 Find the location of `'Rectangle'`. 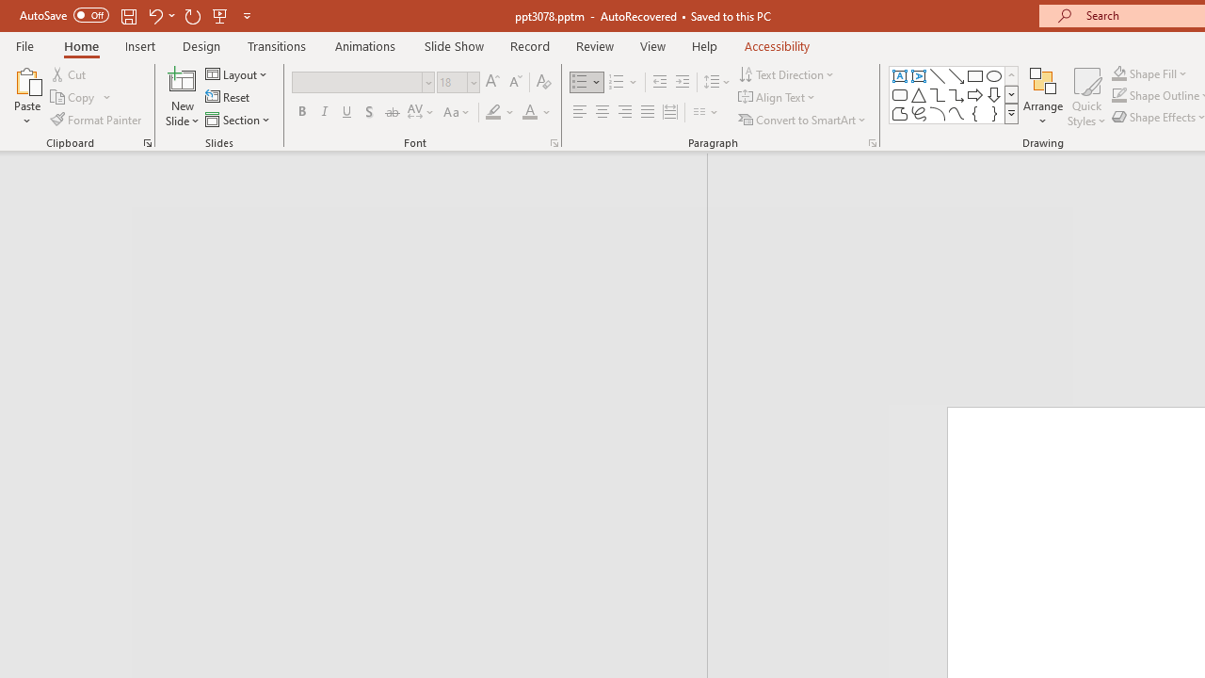

'Rectangle' is located at coordinates (975, 75).